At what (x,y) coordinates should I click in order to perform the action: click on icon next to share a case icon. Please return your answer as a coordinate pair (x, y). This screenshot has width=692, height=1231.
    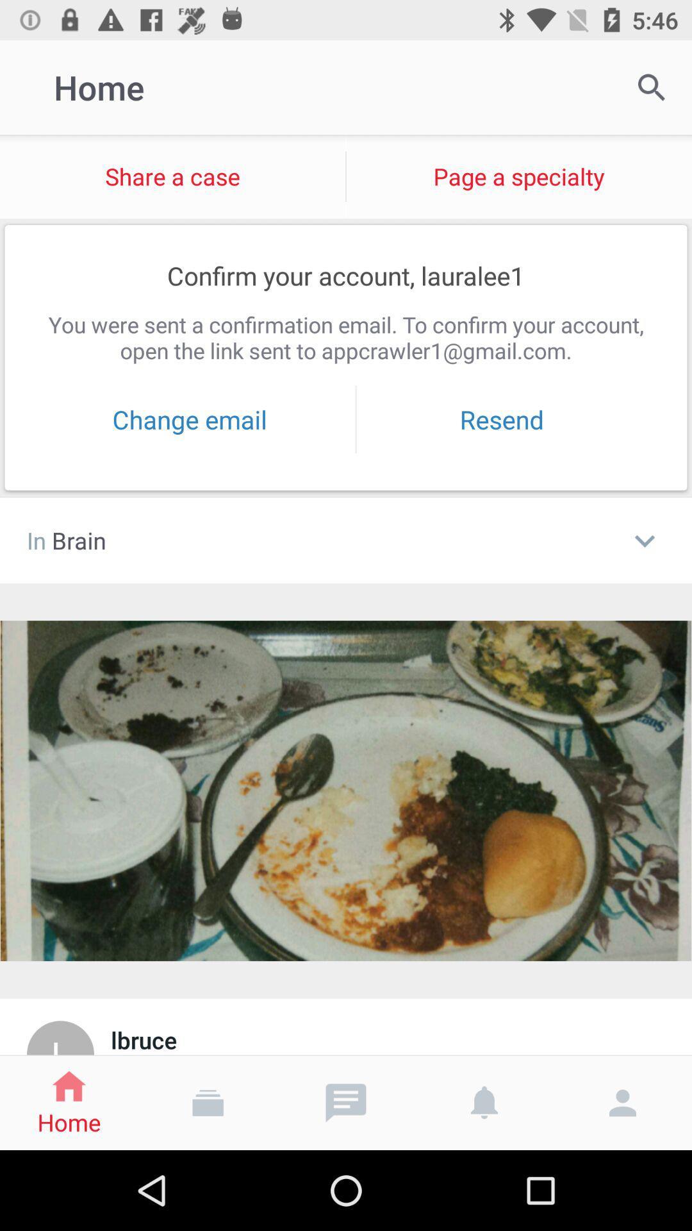
    Looking at the image, I should click on (652, 87).